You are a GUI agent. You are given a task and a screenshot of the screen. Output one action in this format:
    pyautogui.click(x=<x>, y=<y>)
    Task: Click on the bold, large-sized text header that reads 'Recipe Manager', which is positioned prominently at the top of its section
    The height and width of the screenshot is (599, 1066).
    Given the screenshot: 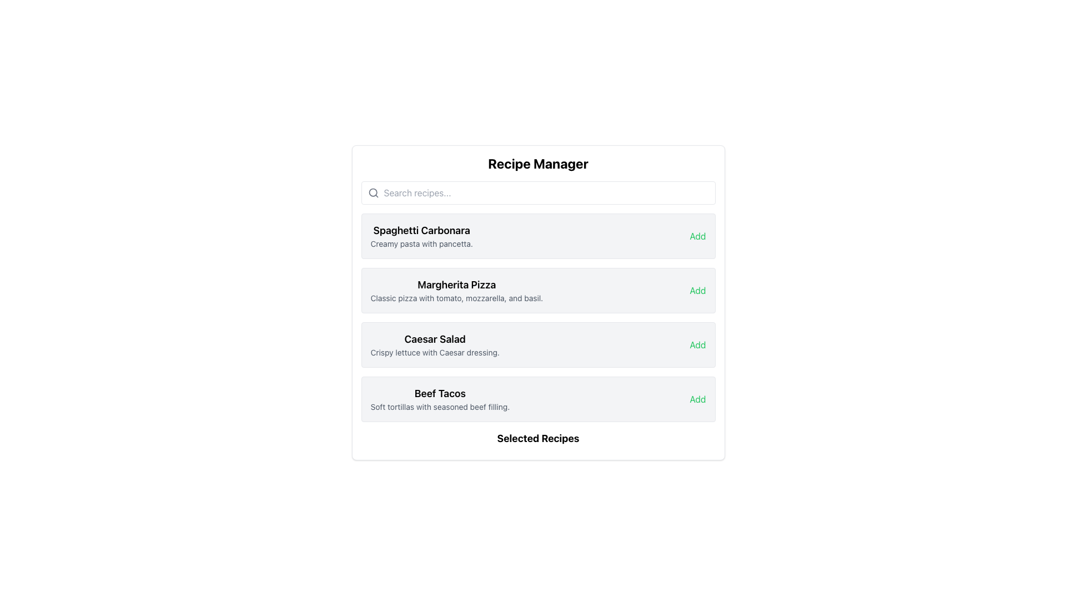 What is the action you would take?
    pyautogui.click(x=538, y=163)
    